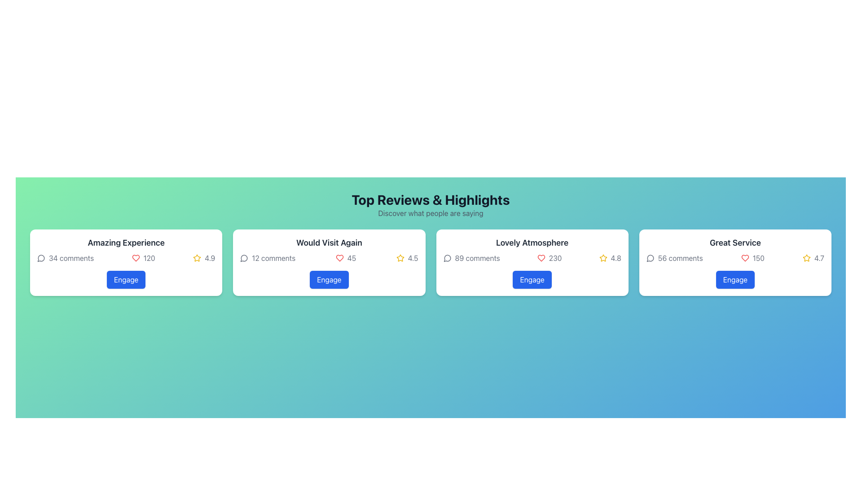 Image resolution: width=862 pixels, height=485 pixels. What do you see at coordinates (126, 263) in the screenshot?
I see `the first card component in the grid` at bounding box center [126, 263].